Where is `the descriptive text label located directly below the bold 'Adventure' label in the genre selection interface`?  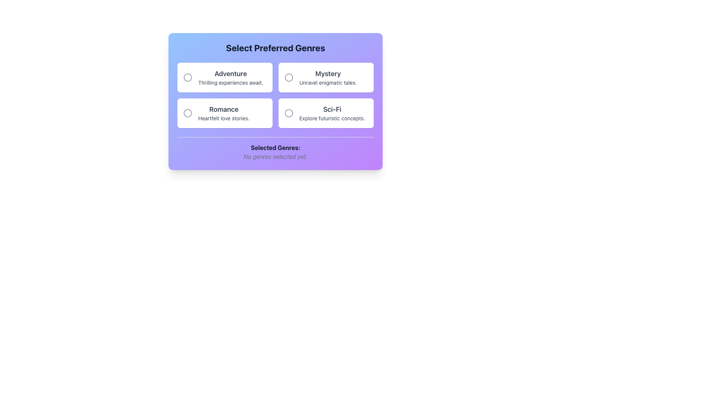
the descriptive text label located directly below the bold 'Adventure' label in the genre selection interface is located at coordinates (230, 83).